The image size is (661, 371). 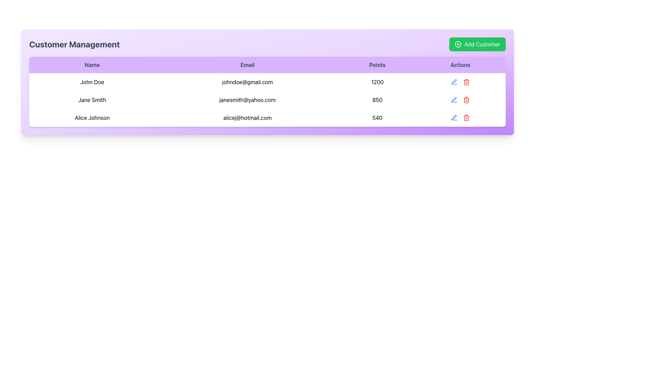 What do you see at coordinates (466, 117) in the screenshot?
I see `the delete icon button located in the last row of the actions column corresponding to user 'Alice Johnson'` at bounding box center [466, 117].